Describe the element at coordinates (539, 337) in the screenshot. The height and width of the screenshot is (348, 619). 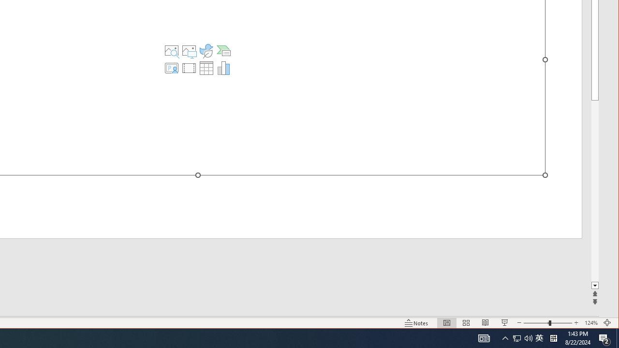
I see `'Q2790: 100%'` at that location.